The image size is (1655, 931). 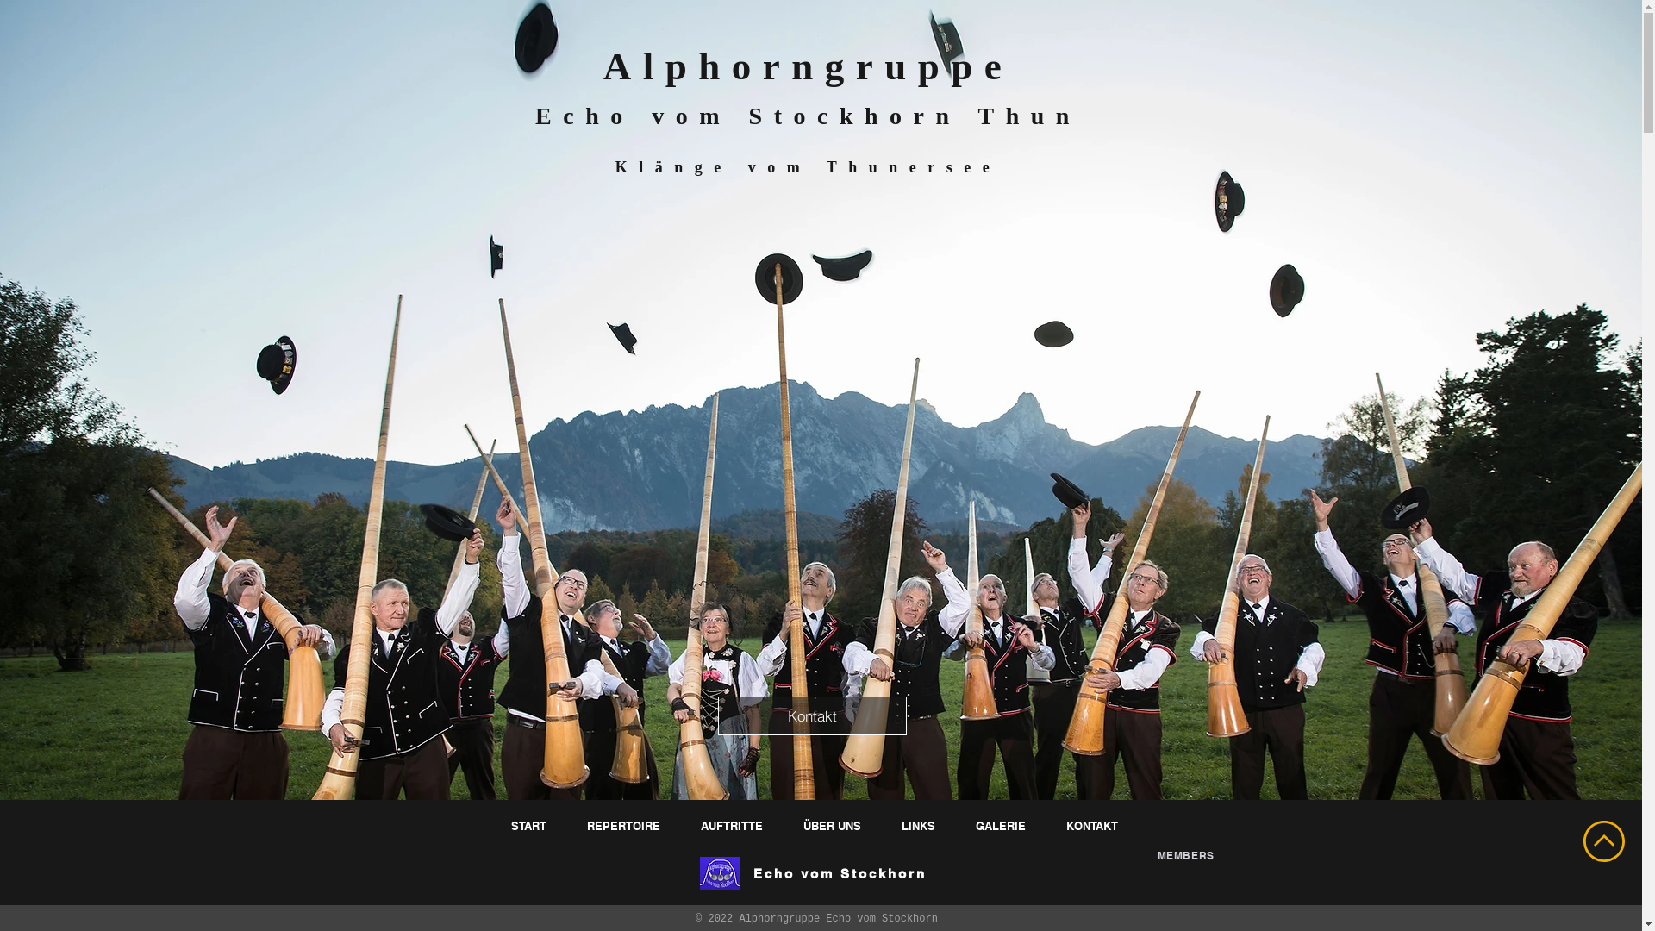 What do you see at coordinates (624, 825) in the screenshot?
I see `'REPERTOIRE'` at bounding box center [624, 825].